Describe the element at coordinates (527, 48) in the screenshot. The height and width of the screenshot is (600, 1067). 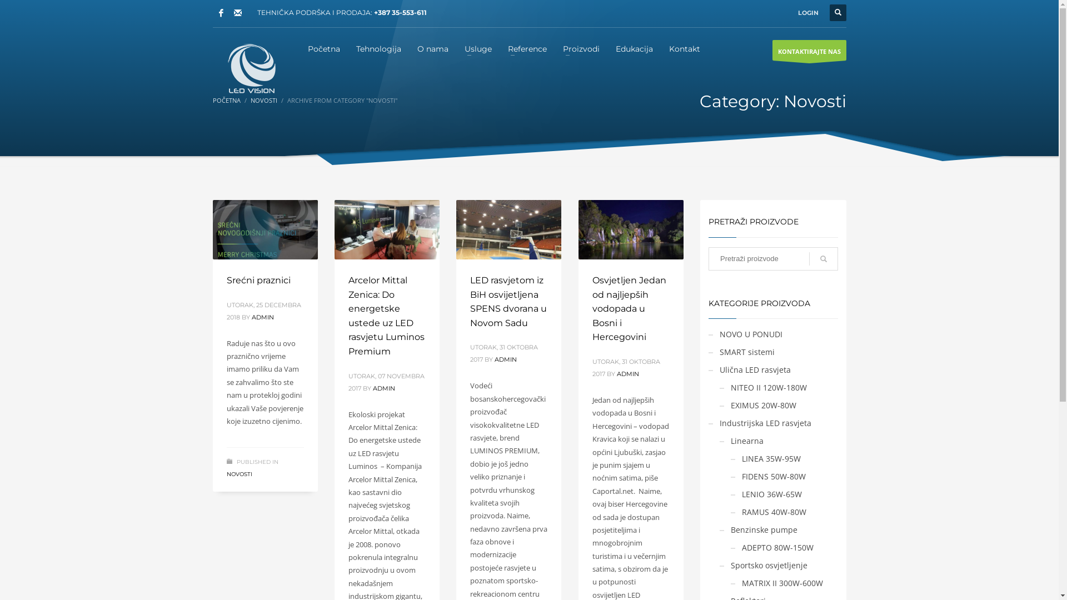
I see `'Reference'` at that location.